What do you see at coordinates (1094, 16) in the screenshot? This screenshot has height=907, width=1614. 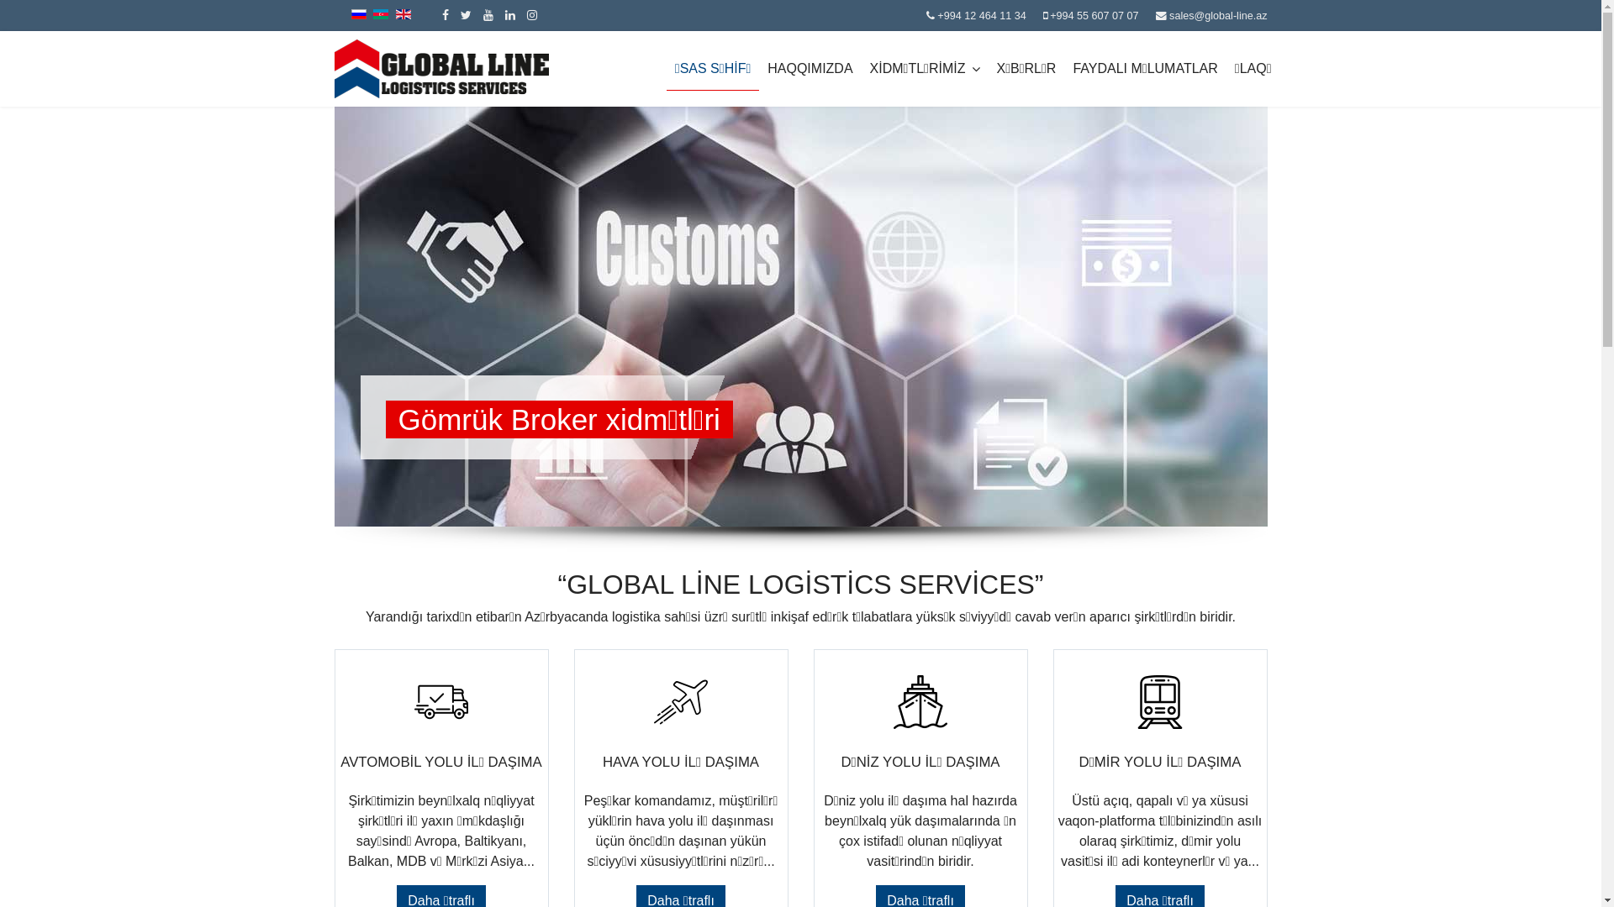 I see `'+994 55 607 07 07'` at bounding box center [1094, 16].